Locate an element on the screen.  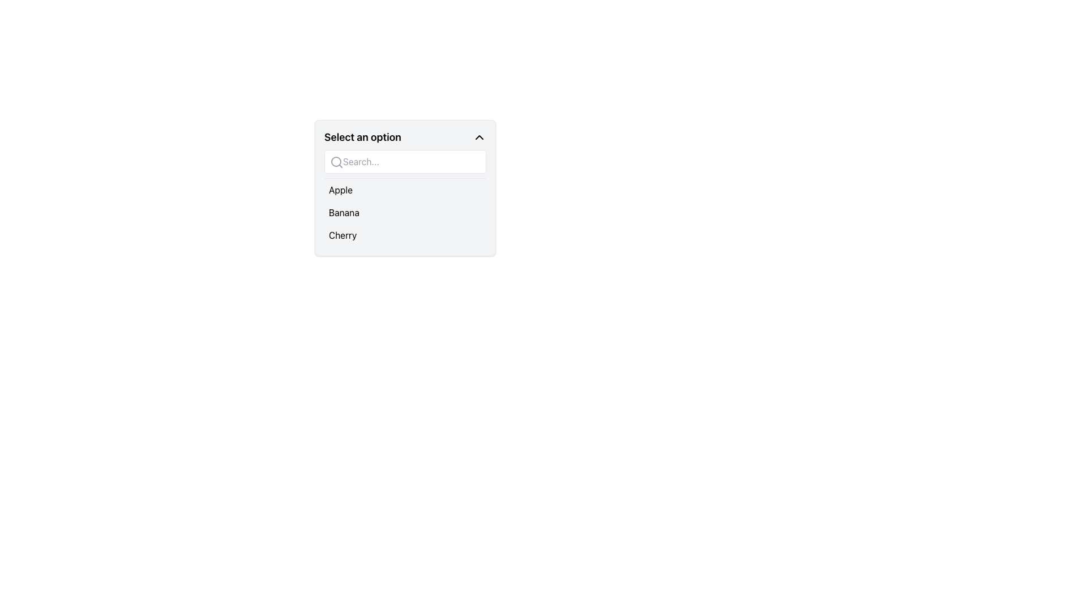
the third item in the dropdown list, which is a text element representing an option is located at coordinates (342, 235).